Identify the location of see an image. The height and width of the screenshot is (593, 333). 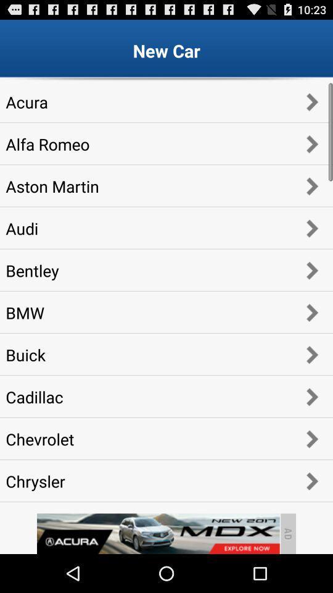
(158, 533).